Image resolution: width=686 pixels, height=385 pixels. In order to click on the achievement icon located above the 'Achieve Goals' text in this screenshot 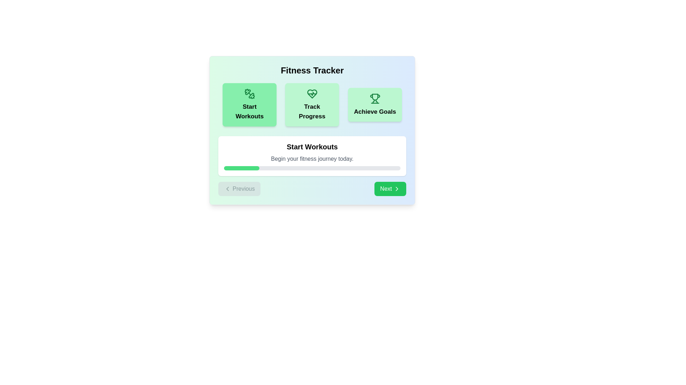, I will do `click(374, 98)`.